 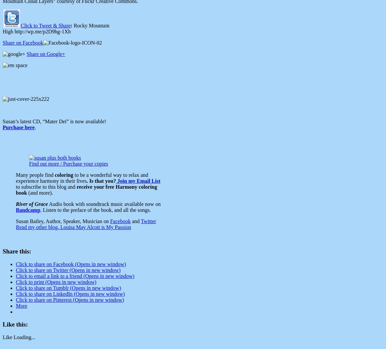 What do you see at coordinates (31, 204) in the screenshot?
I see `'River of Grace'` at bounding box center [31, 204].